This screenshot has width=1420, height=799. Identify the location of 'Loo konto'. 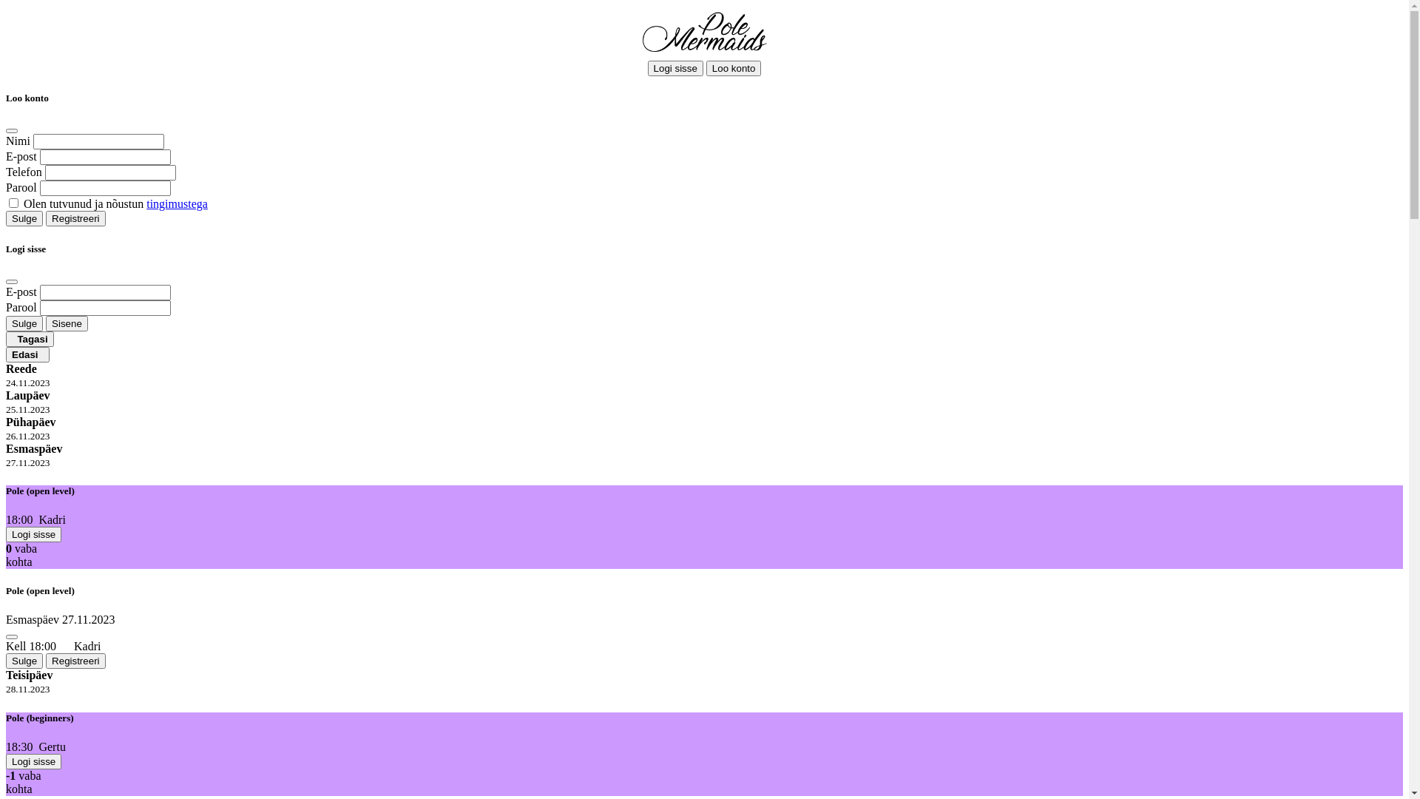
(734, 68).